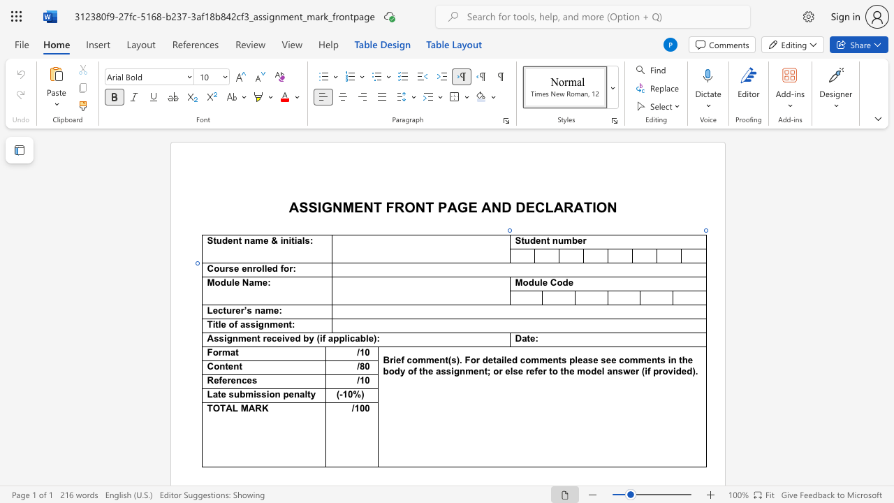 Image resolution: width=894 pixels, height=503 pixels. What do you see at coordinates (237, 283) in the screenshot?
I see `the 1th character "e" in the text` at bounding box center [237, 283].